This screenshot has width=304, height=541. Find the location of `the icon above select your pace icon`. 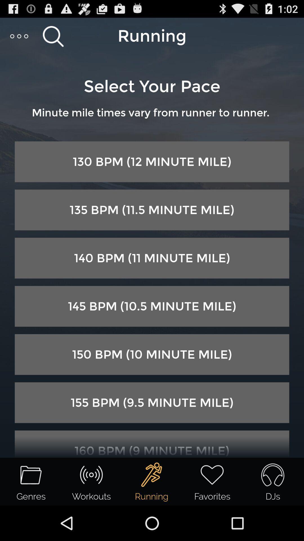

the icon above select your pace icon is located at coordinates (53, 36).